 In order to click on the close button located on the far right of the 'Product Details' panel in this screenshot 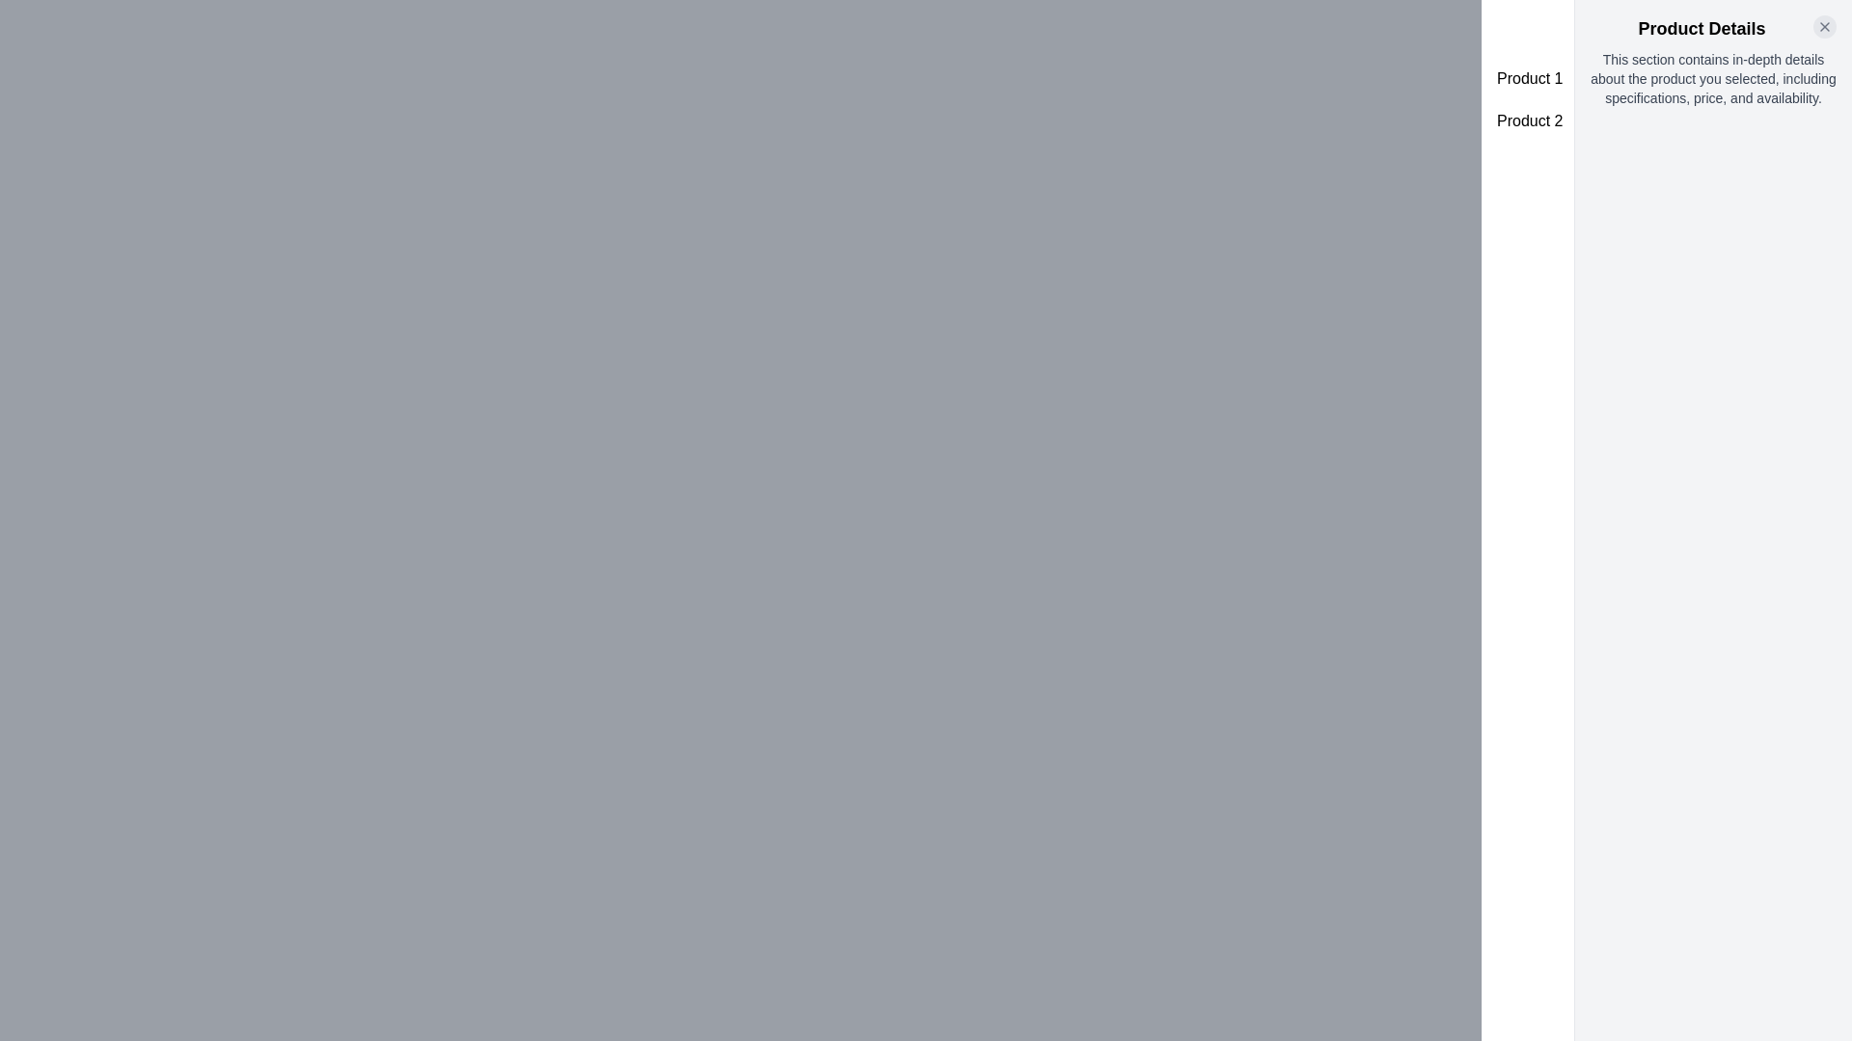, I will do `click(1823, 26)`.